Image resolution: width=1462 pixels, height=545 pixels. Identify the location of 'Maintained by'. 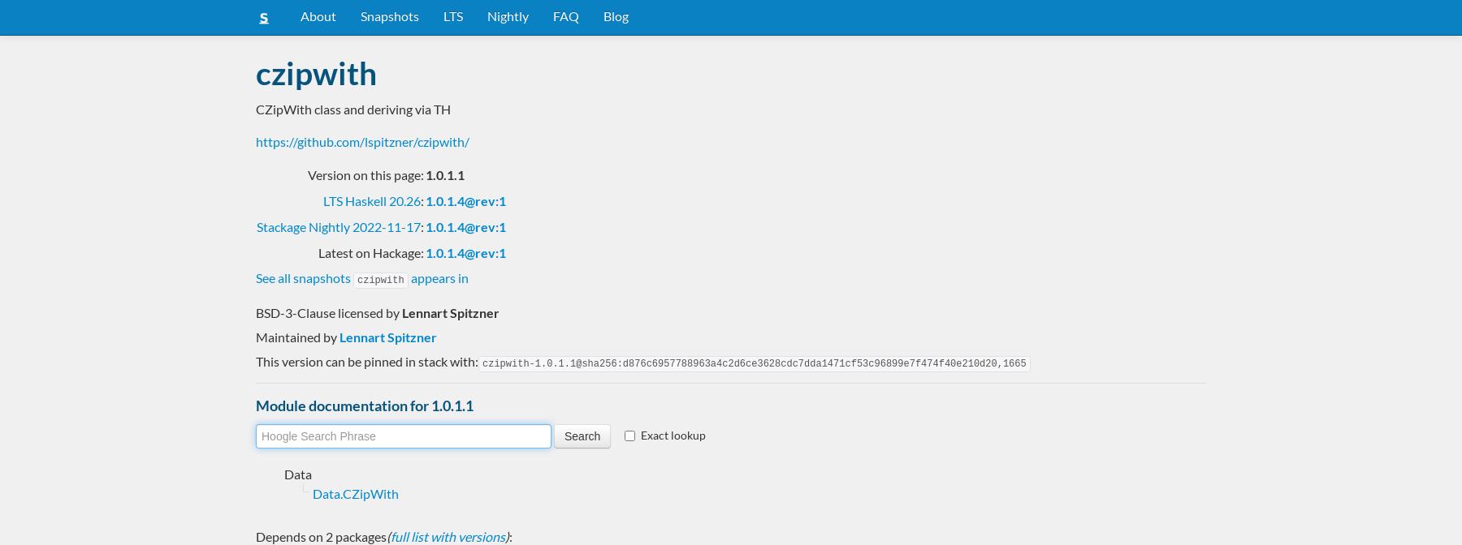
(297, 336).